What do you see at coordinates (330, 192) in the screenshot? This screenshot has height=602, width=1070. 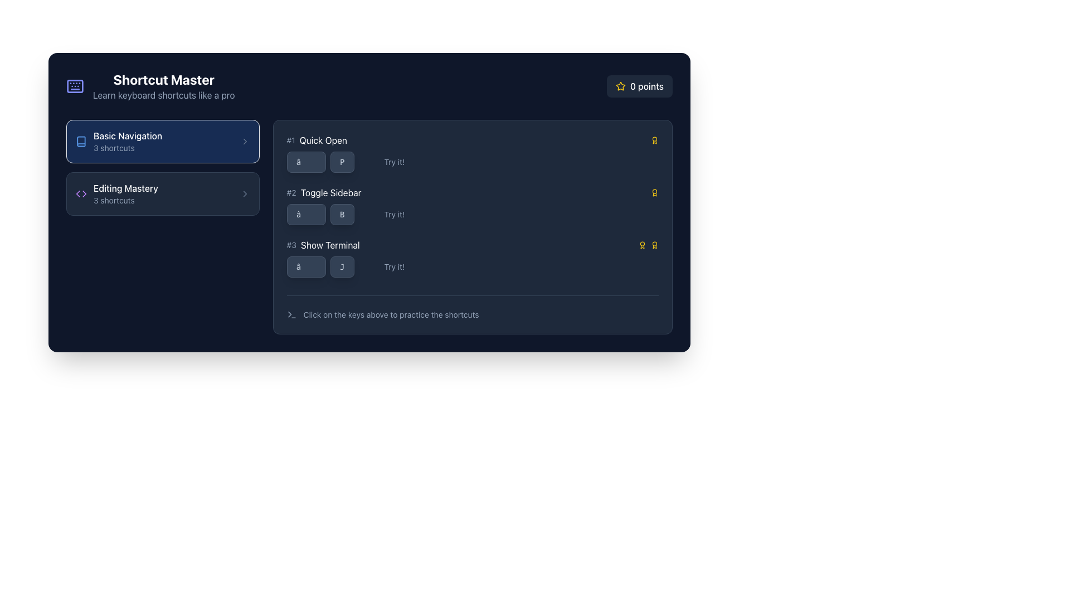 I see `the text label that describes the keyboard shortcut for toggling the sidebar, located in section '#2', positioned to the right of the smaller text '#2'` at bounding box center [330, 192].